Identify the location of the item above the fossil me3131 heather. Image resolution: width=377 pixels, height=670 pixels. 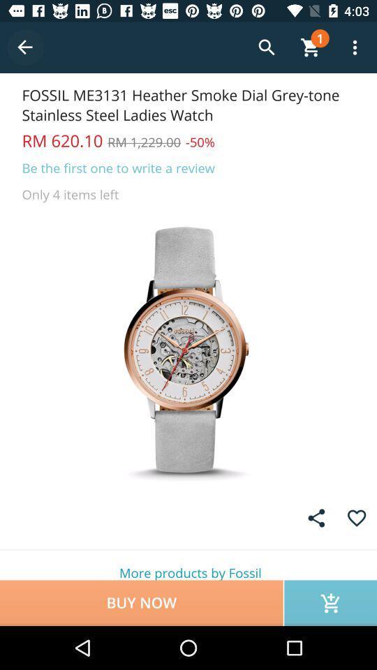
(25, 47).